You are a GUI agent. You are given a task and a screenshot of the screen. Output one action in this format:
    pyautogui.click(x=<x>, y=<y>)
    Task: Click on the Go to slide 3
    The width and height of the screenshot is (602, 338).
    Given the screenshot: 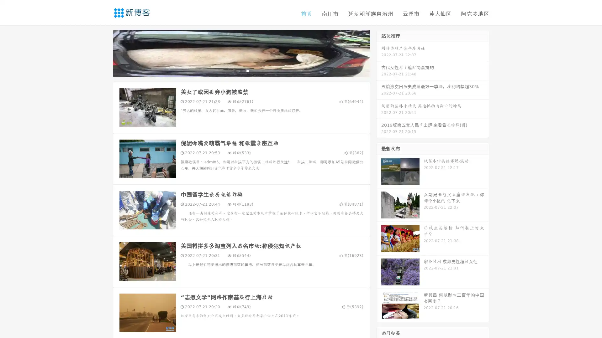 What is the action you would take?
    pyautogui.click(x=247, y=70)
    